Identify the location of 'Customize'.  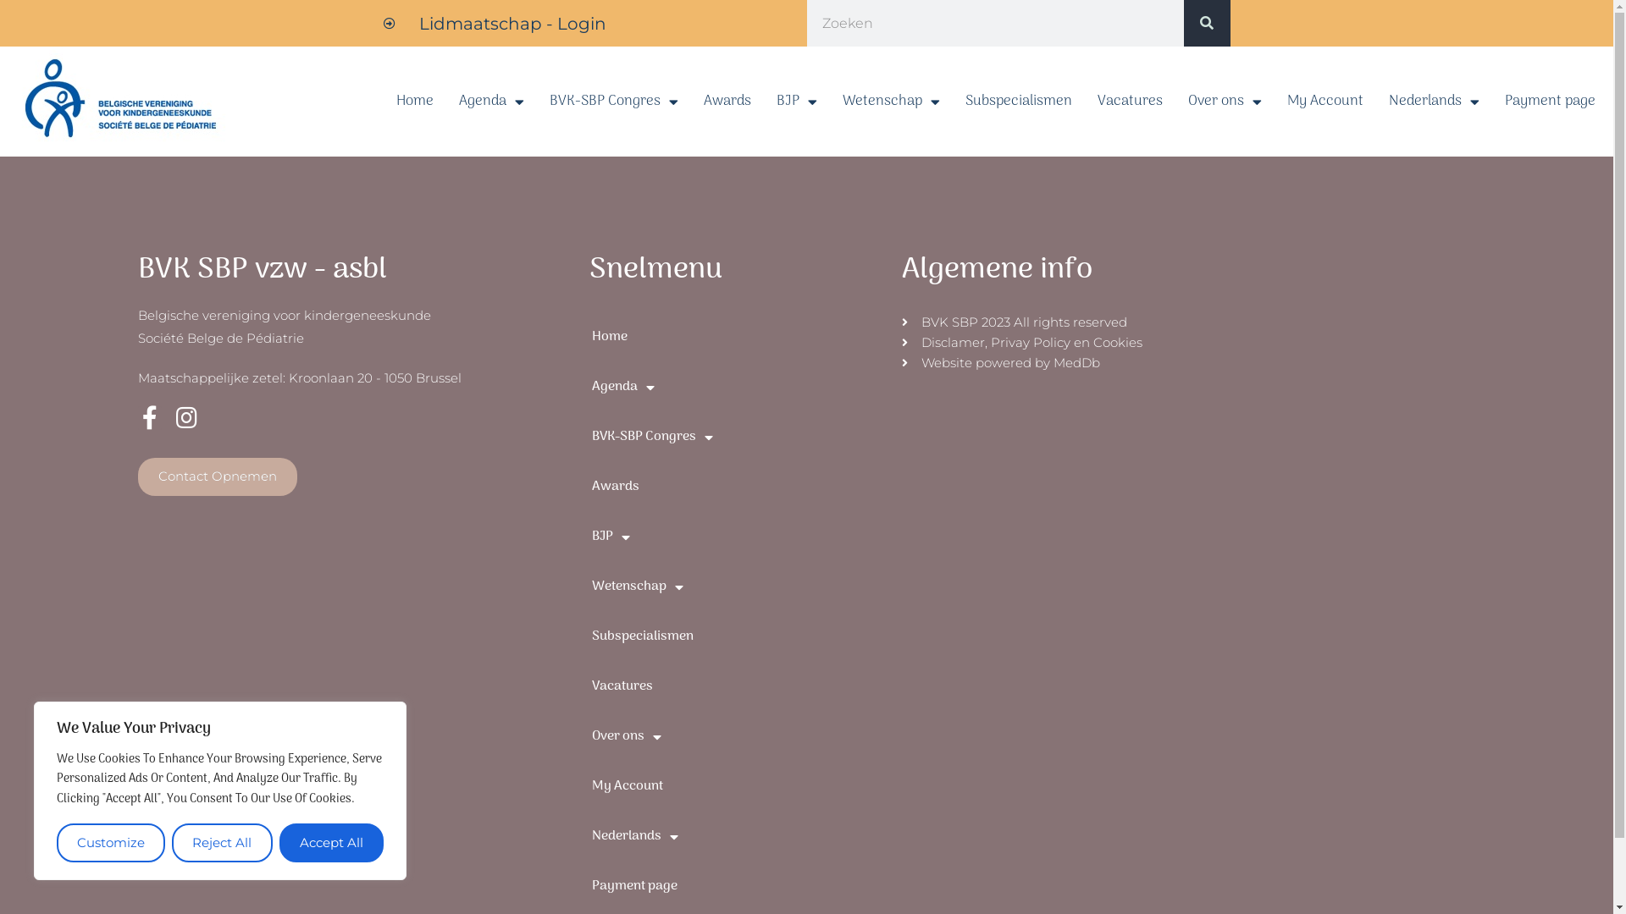
(57, 842).